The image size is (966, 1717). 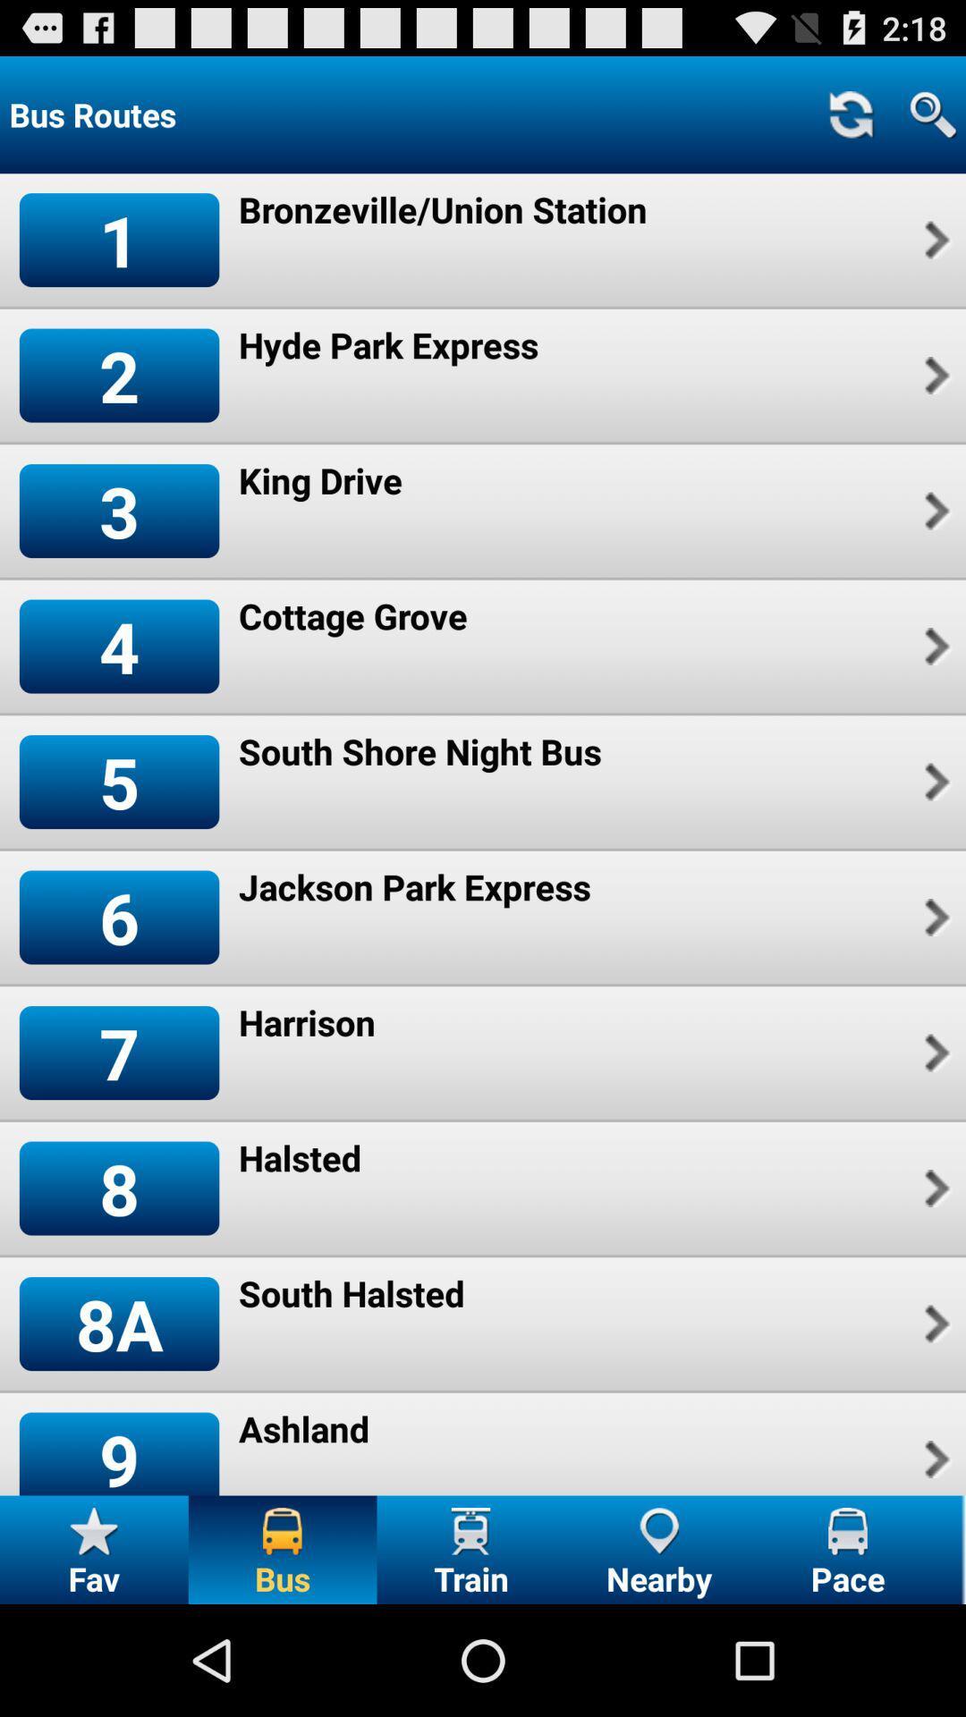 What do you see at coordinates (119, 1053) in the screenshot?
I see `the item next to the harrison item` at bounding box center [119, 1053].